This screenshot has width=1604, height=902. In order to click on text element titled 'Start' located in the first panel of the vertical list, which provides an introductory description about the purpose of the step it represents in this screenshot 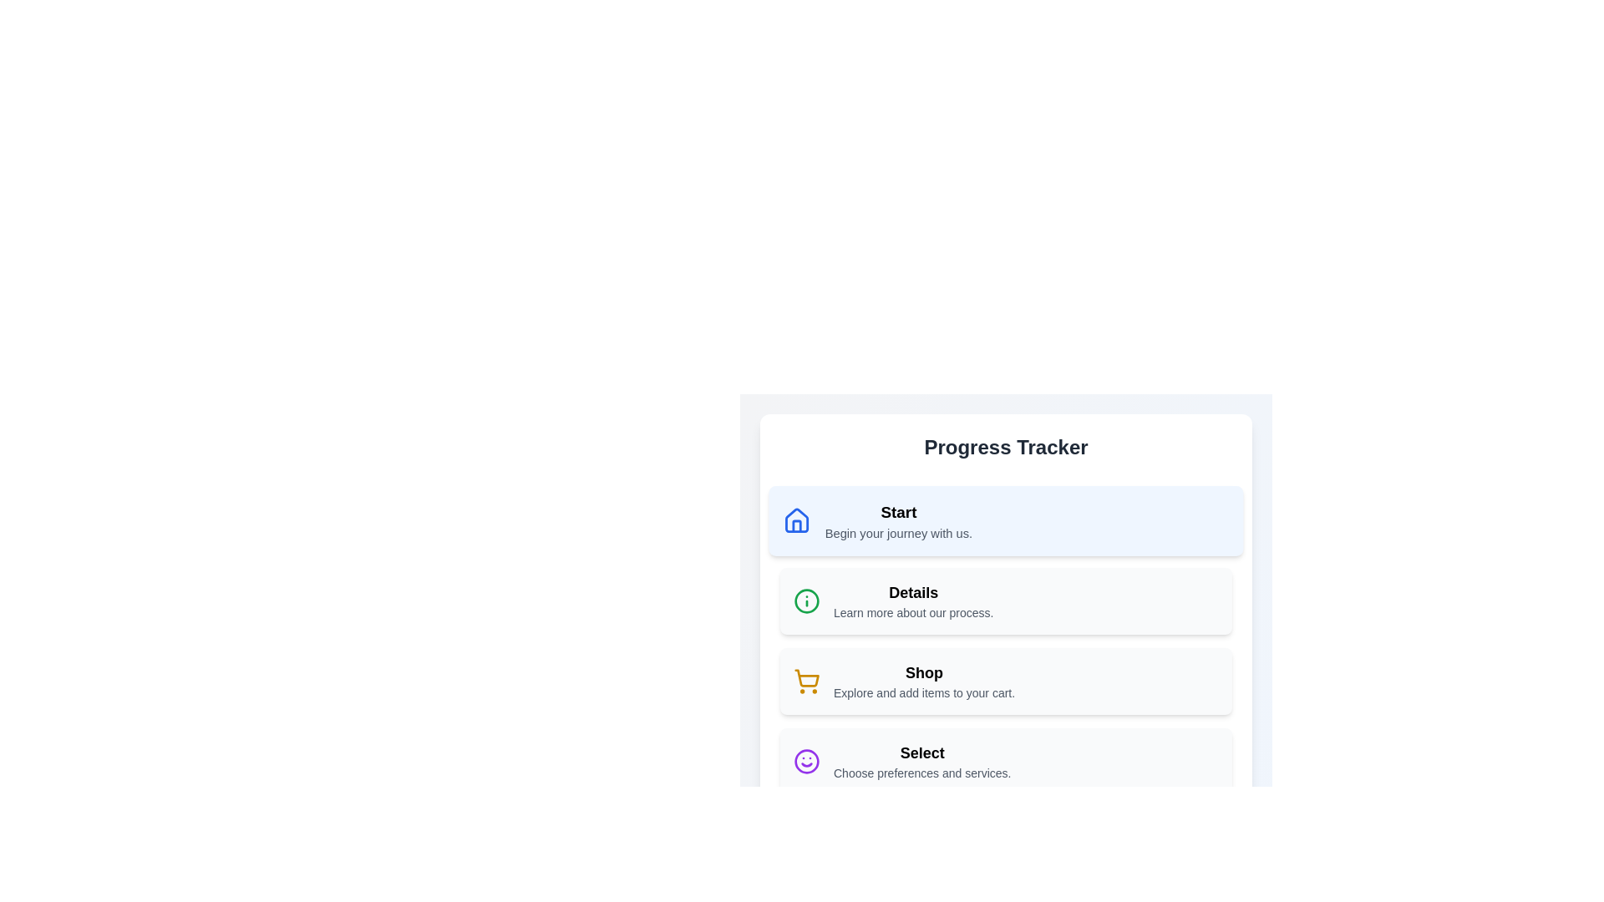, I will do `click(897, 520)`.